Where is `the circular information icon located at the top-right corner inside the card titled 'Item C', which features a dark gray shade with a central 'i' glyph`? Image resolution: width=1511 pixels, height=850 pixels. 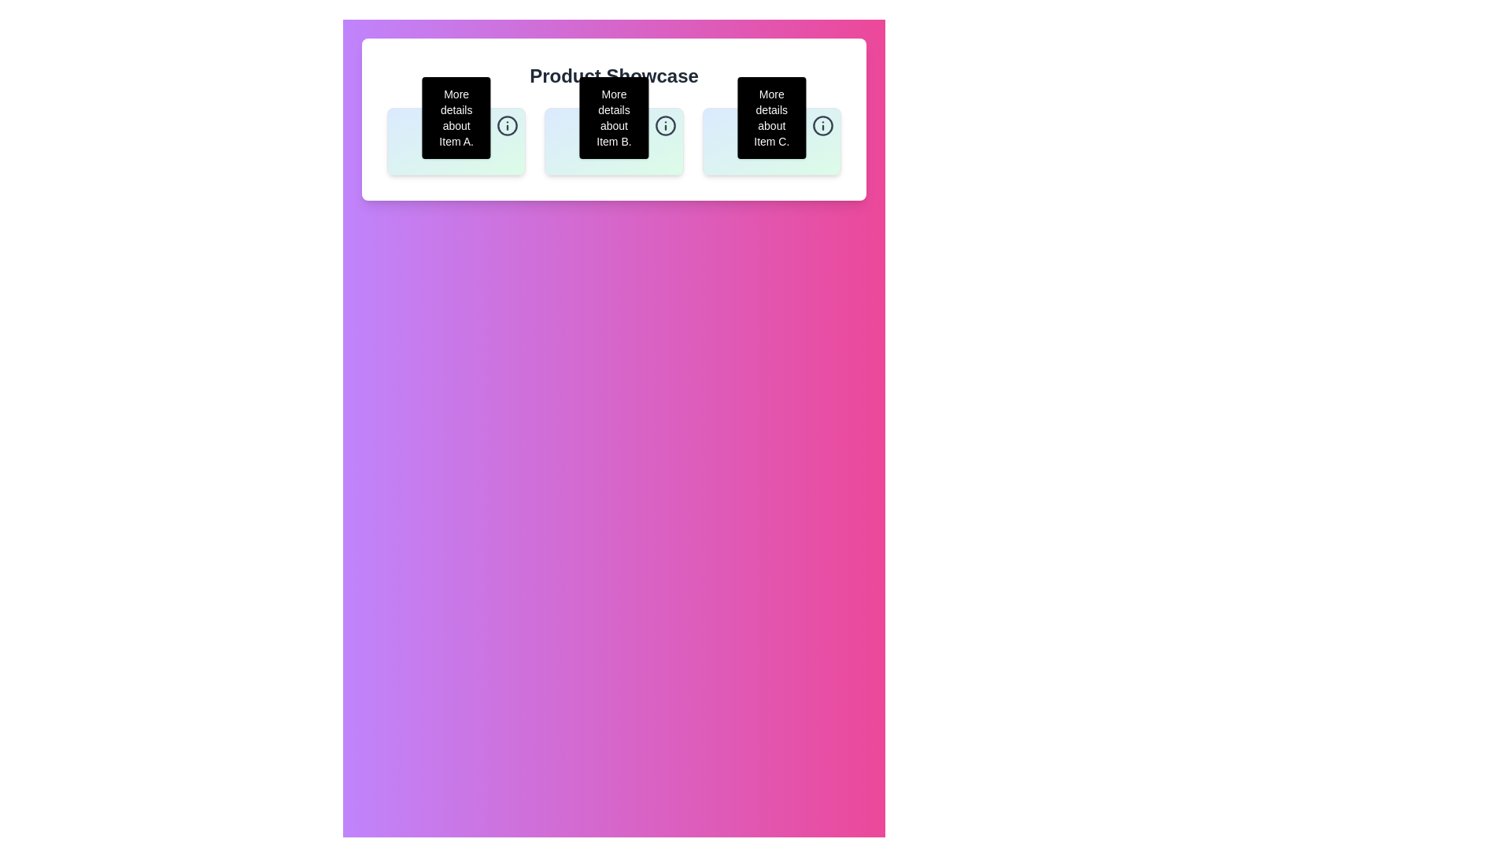 the circular information icon located at the top-right corner inside the card titled 'Item C', which features a dark gray shade with a central 'i' glyph is located at coordinates (822, 124).